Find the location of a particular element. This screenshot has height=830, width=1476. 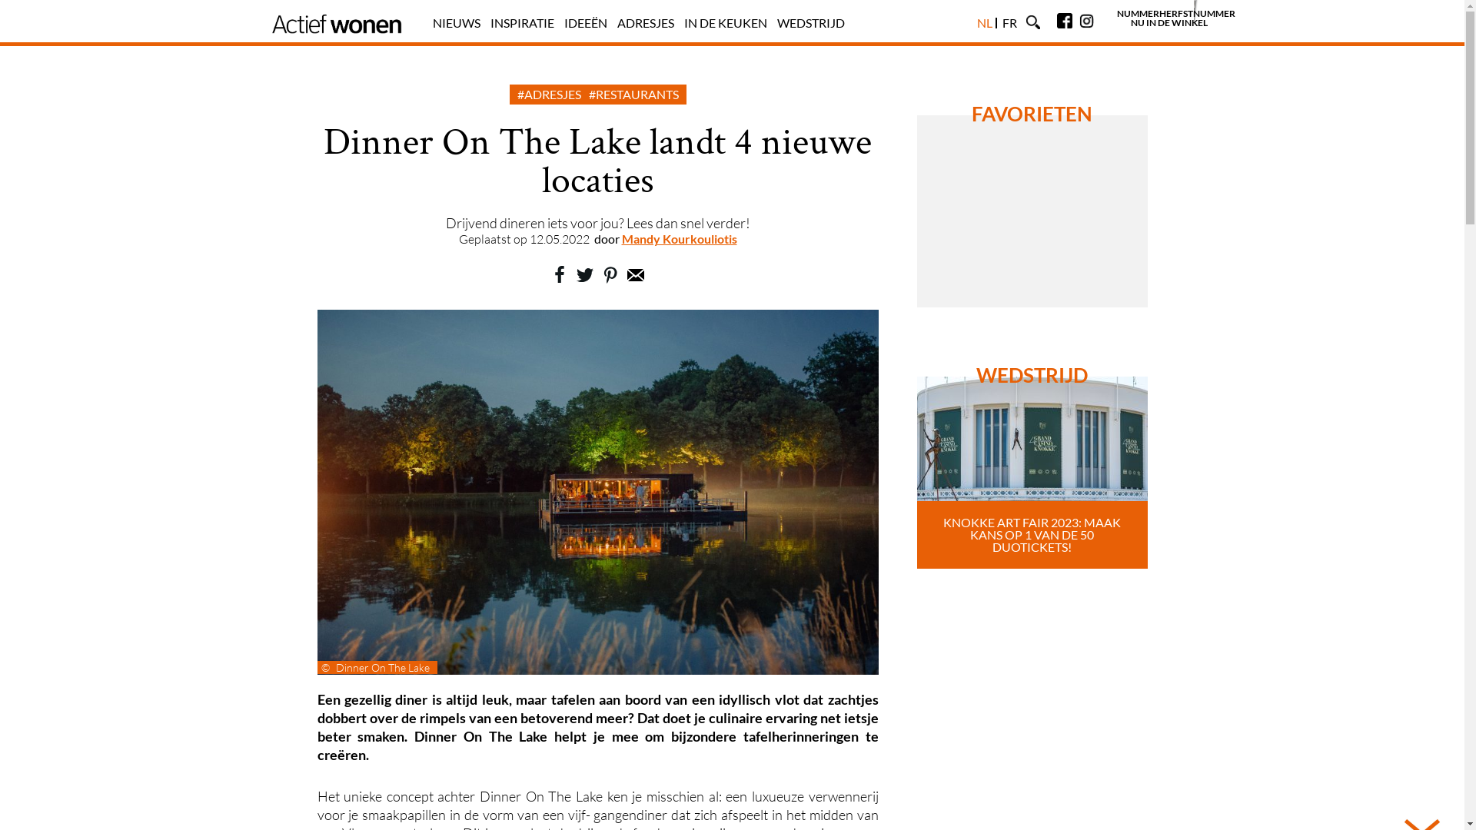

'Mandy Kourkouliotis' is located at coordinates (678, 238).